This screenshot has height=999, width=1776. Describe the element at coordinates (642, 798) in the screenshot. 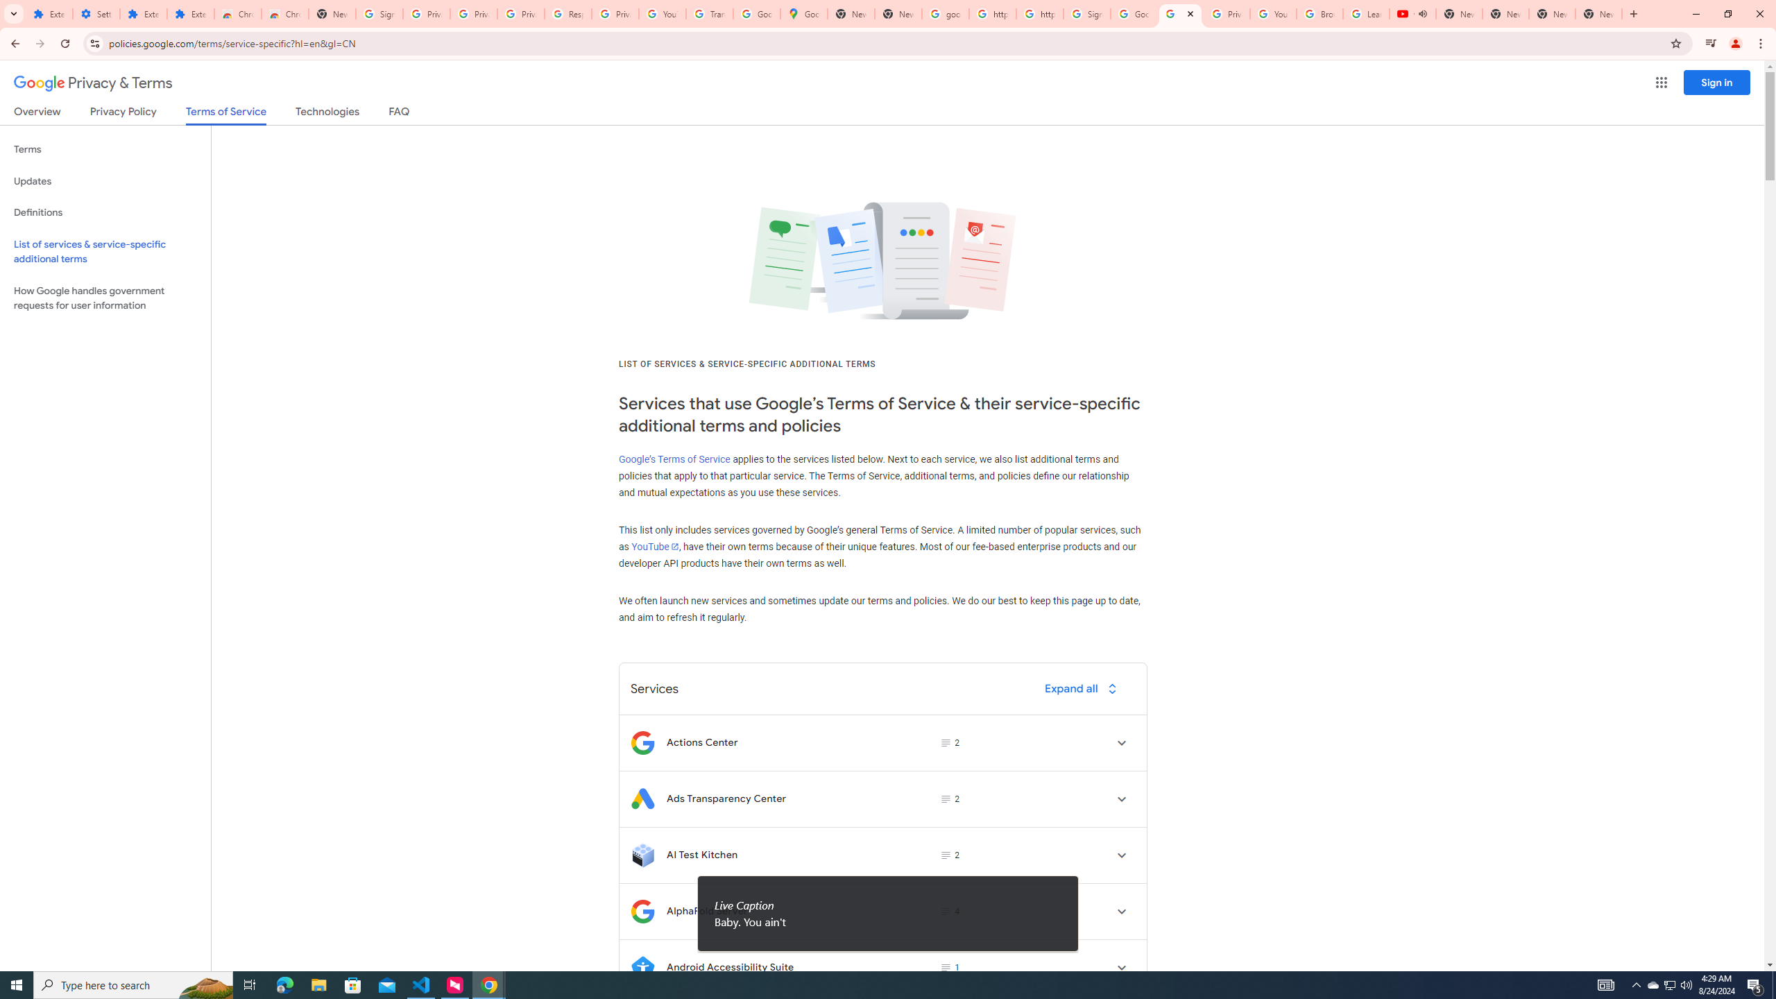

I see `'Logo for Ads Transparency Center'` at that location.